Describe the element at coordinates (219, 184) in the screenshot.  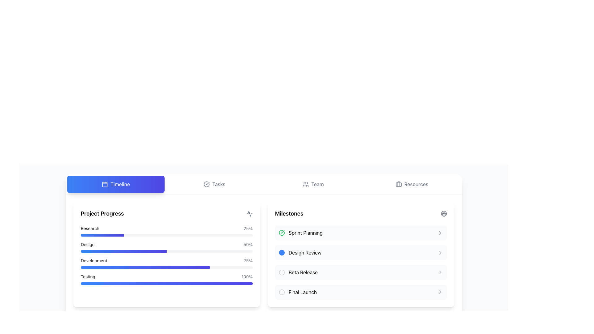
I see `the 'Tasks' text label, which is part of a horizontal navigation bar and is positioned in the upper-central section of the interface, next to a circular checkmark icon` at that location.